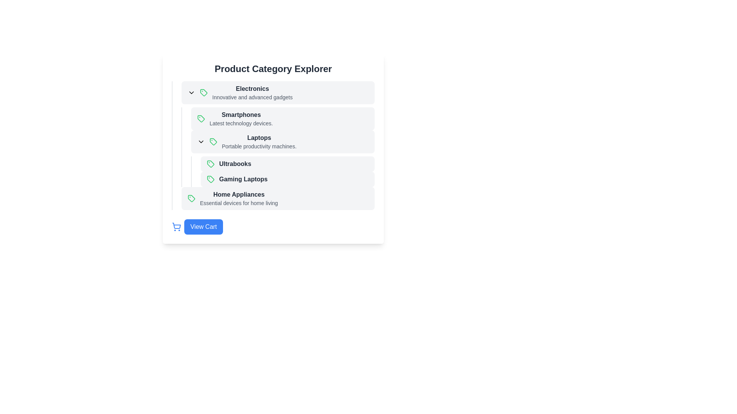 The width and height of the screenshot is (737, 414). What do you see at coordinates (259, 142) in the screenshot?
I see `text block titled 'Laptops' which contains the description 'Portable productivity machines.' located under the 'Smartphones' section in the 'Product Category Explorer.'` at bounding box center [259, 142].